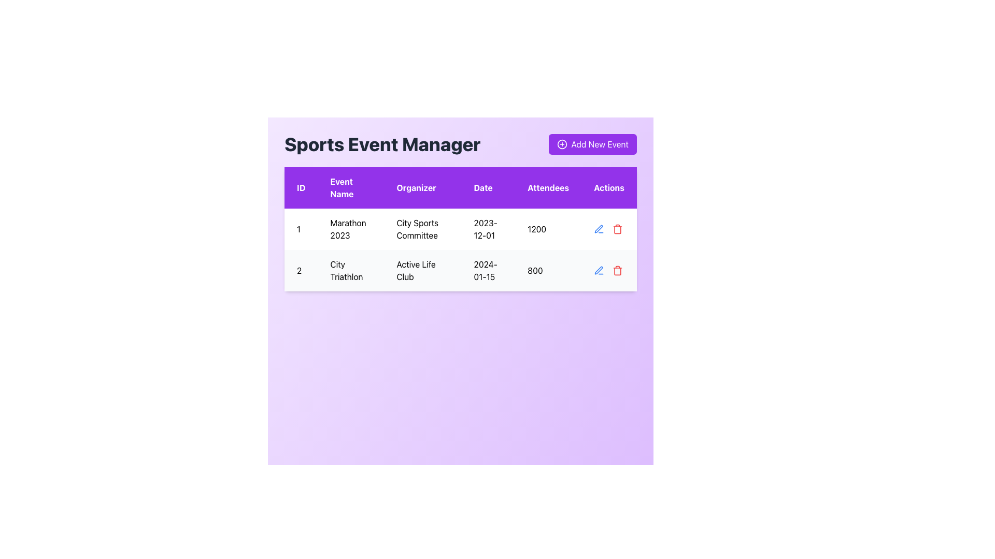 The image size is (995, 559). What do you see at coordinates (351, 229) in the screenshot?
I see `the Table Cell Content displaying 'Marathon 2023' in the second column of the first row of the data table to interact with or select the text` at bounding box center [351, 229].